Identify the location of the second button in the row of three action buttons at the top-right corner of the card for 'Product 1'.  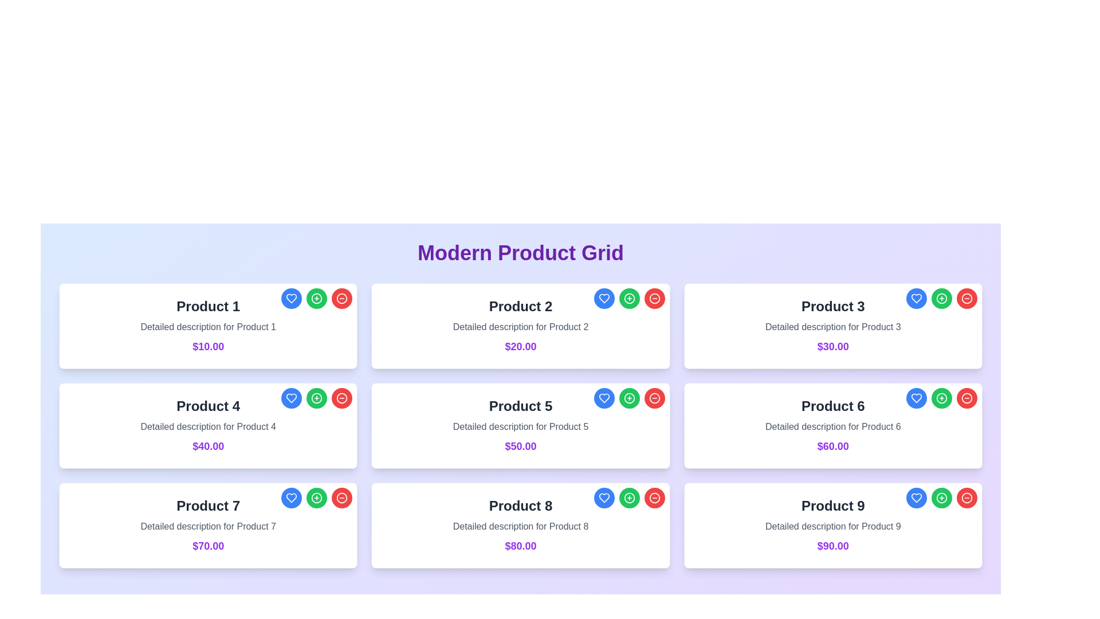
(317, 297).